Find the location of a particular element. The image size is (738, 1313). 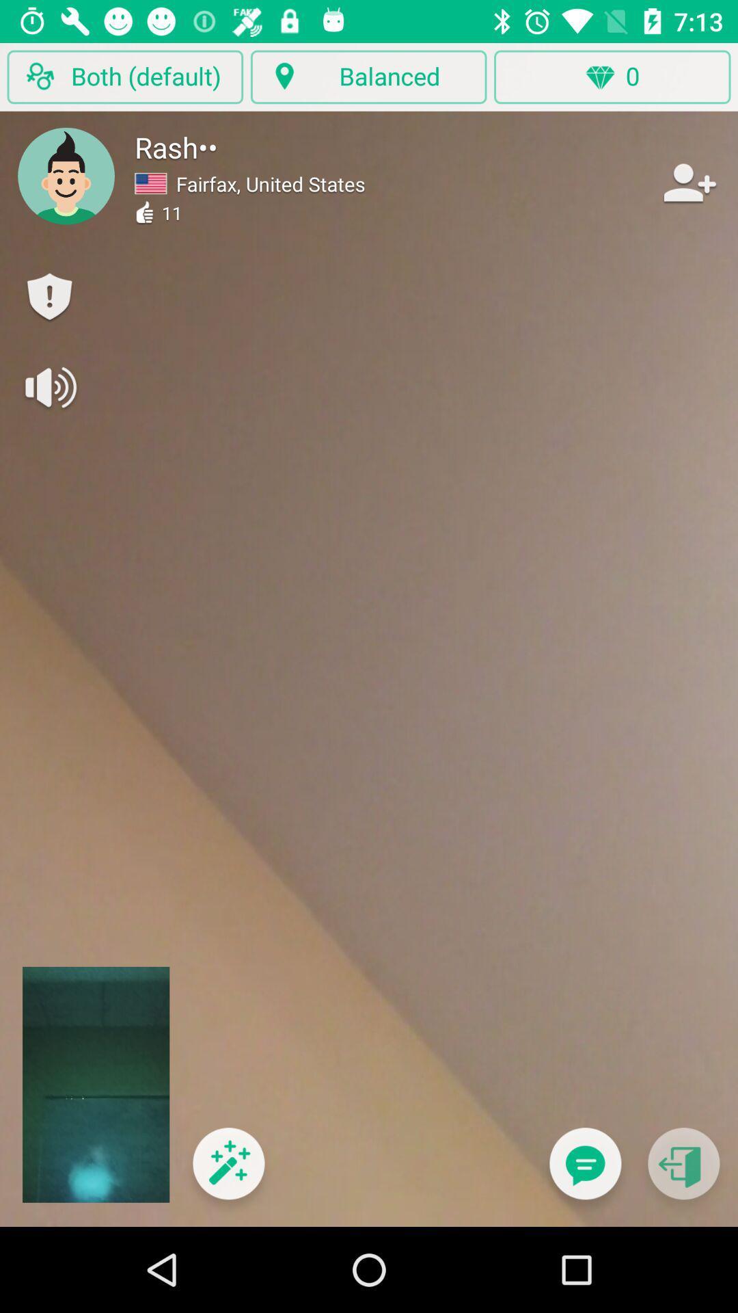

the edit icon is located at coordinates (228, 1171).